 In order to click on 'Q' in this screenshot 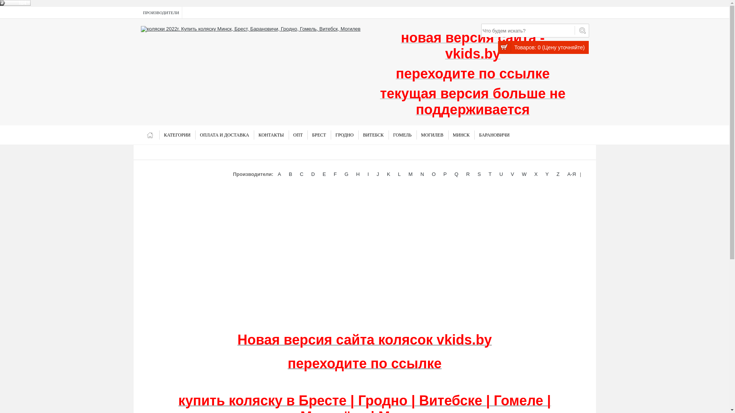, I will do `click(456, 174)`.